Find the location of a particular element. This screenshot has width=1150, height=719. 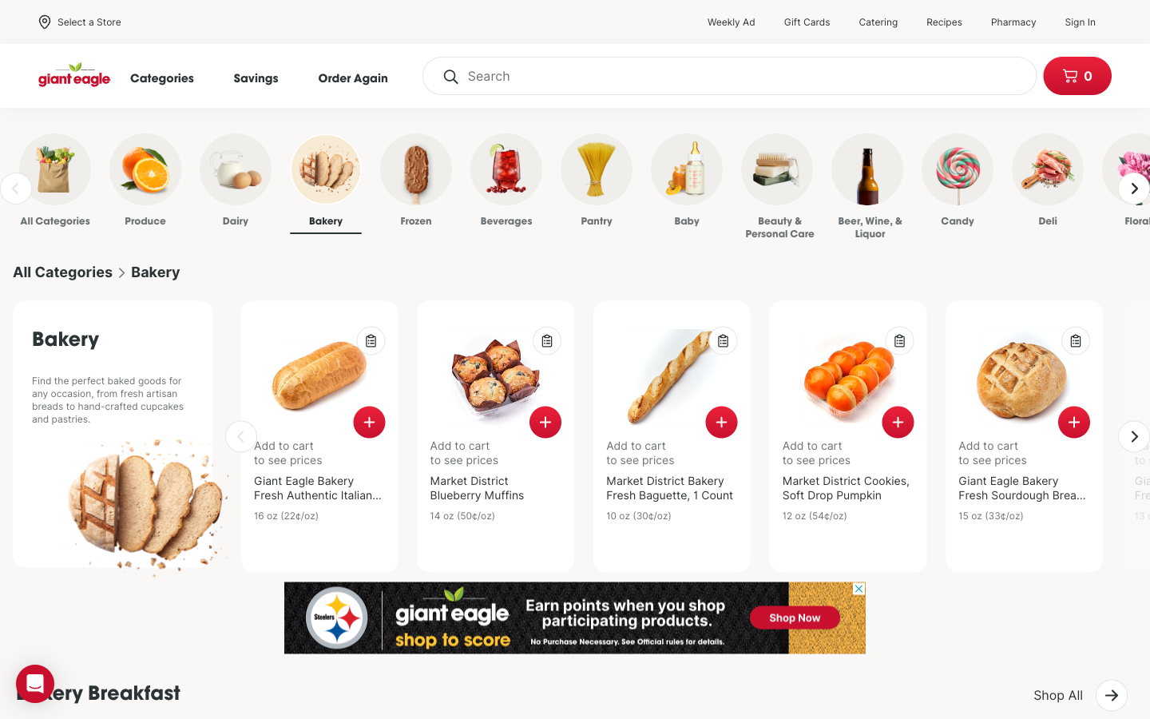

See all the items in cart is located at coordinates (1076, 75).